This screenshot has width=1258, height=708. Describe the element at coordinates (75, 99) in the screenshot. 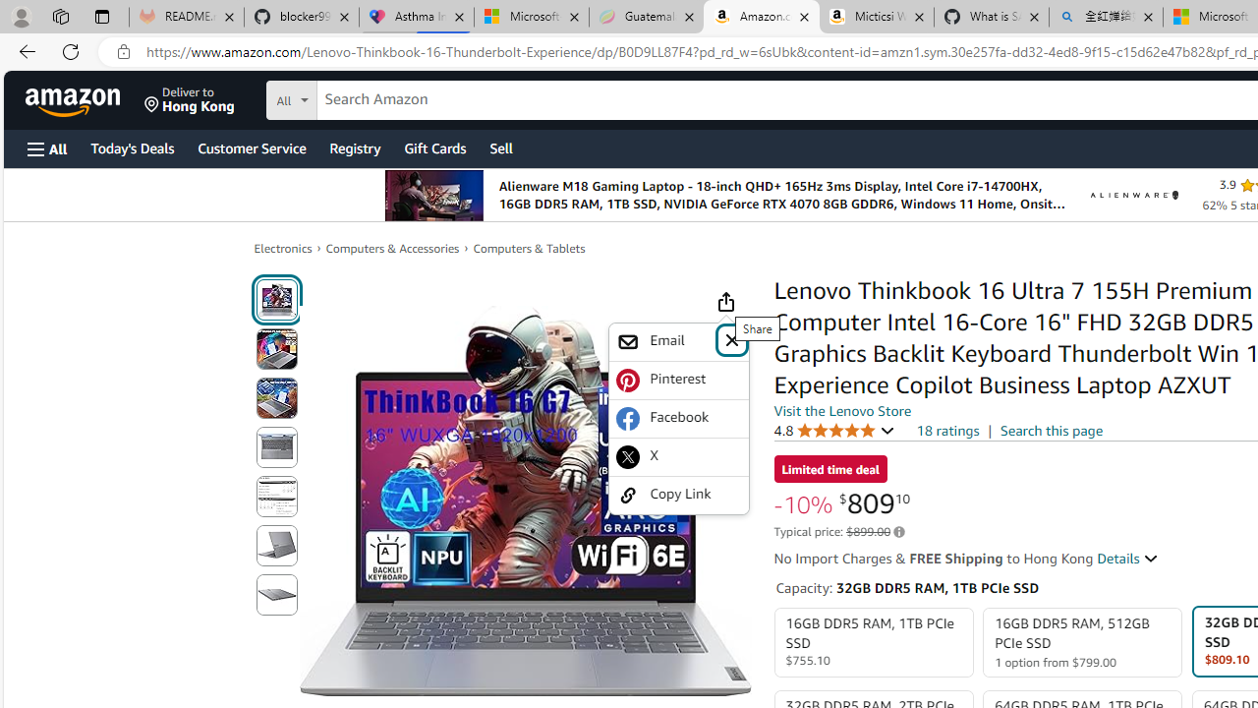

I see `'Amazon'` at that location.